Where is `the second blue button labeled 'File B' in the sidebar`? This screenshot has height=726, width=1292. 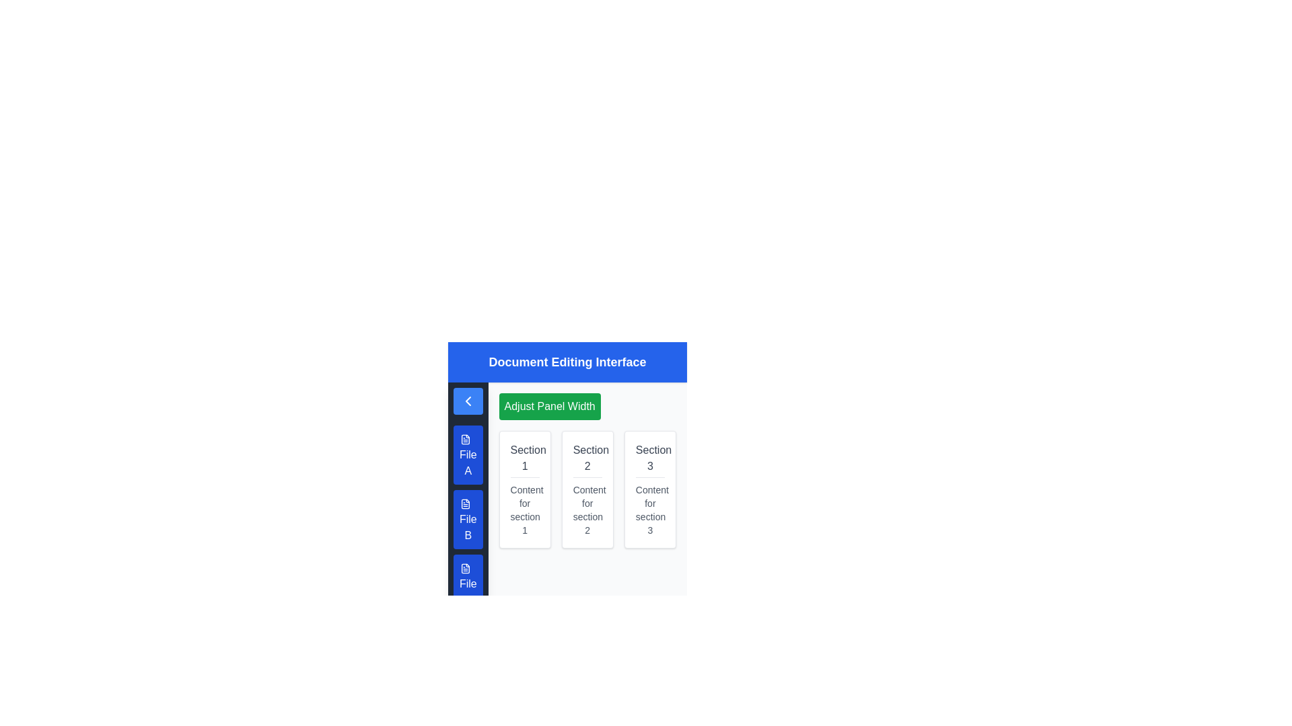
the second blue button labeled 'File B' in the sidebar is located at coordinates (468, 518).